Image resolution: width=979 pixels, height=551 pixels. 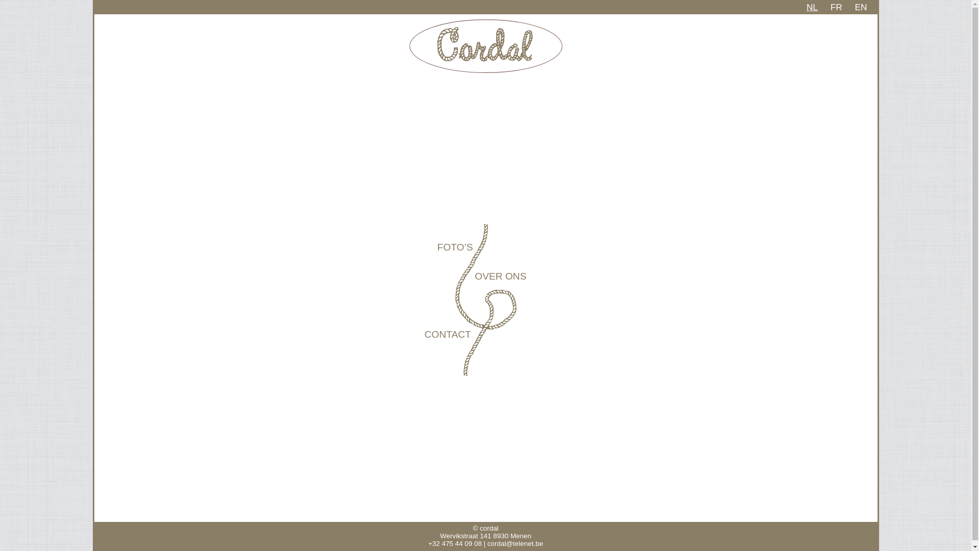 What do you see at coordinates (515, 543) in the screenshot?
I see `'cordal@telenet.be'` at bounding box center [515, 543].